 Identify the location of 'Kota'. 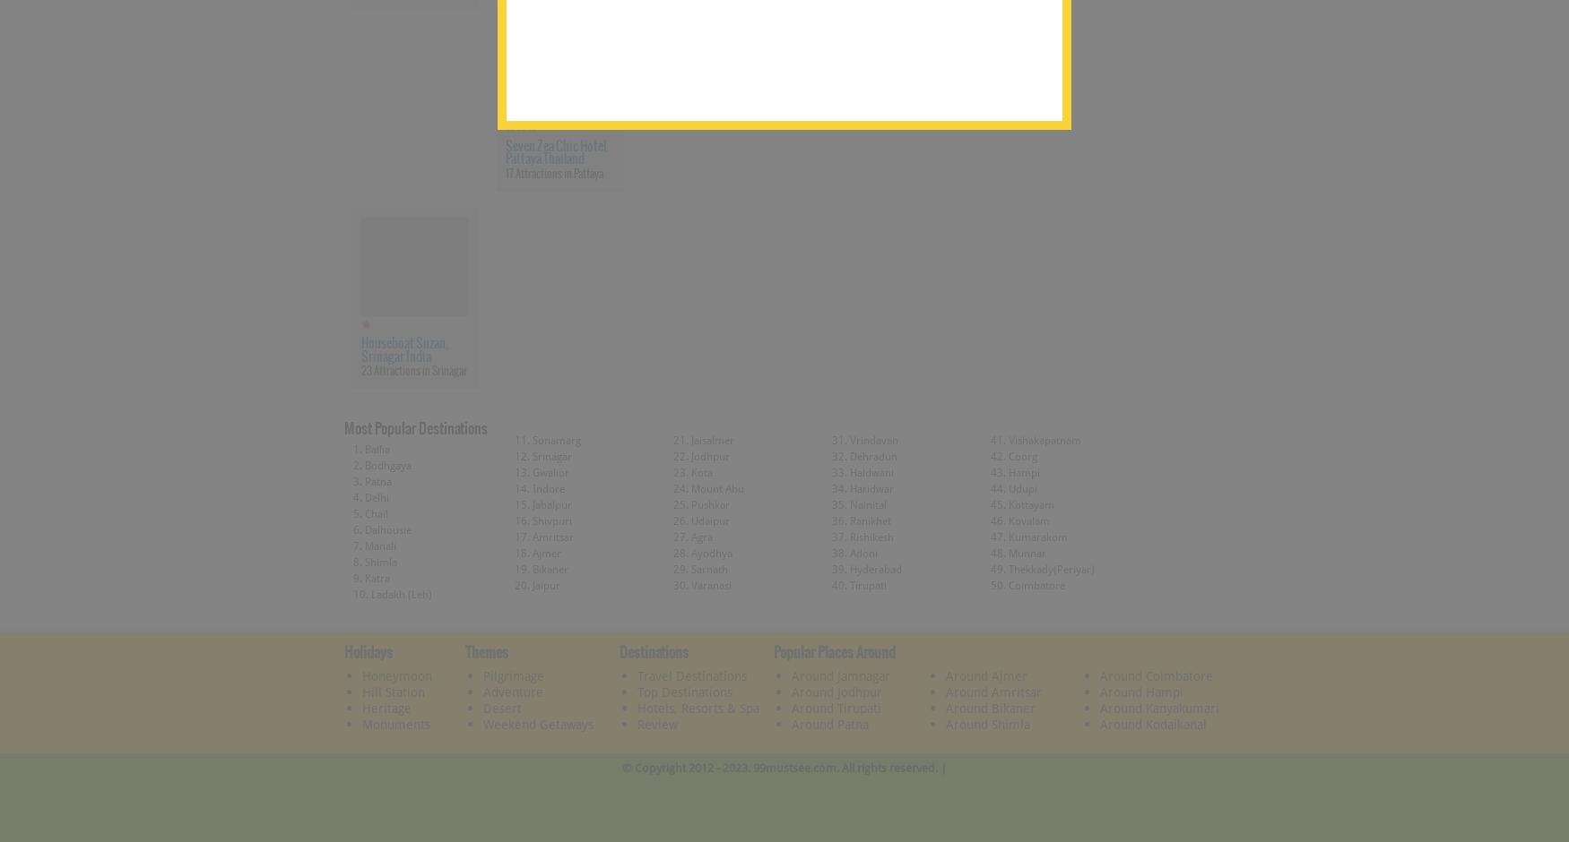
(700, 471).